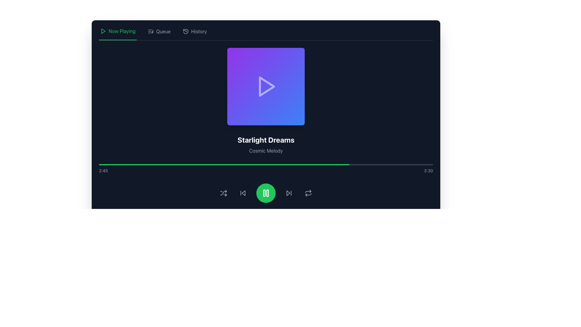  What do you see at coordinates (150, 31) in the screenshot?
I see `the music note icon located next to the 'Queue' label in the top navigation bar` at bounding box center [150, 31].